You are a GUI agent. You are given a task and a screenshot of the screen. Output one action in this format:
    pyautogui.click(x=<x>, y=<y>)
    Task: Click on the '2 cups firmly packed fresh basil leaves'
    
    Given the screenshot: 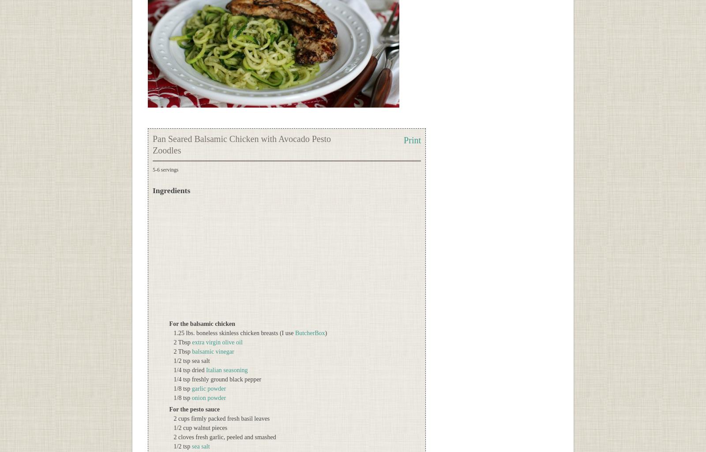 What is the action you would take?
    pyautogui.click(x=221, y=418)
    